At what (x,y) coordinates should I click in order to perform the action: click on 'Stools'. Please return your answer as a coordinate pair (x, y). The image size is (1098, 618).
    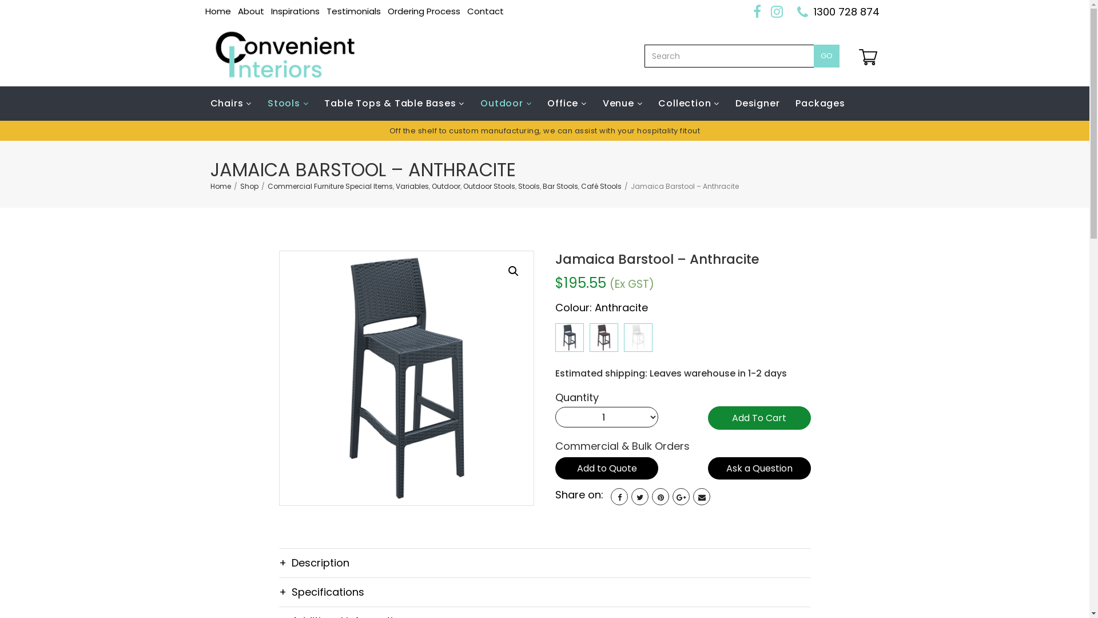
    Looking at the image, I should click on (288, 104).